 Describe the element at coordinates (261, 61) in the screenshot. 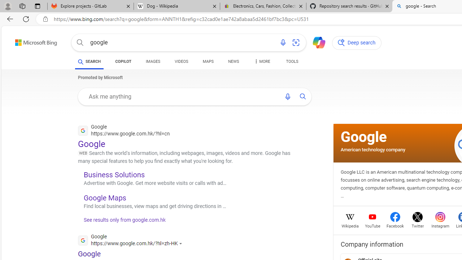

I see `'Dropdown Menu'` at that location.